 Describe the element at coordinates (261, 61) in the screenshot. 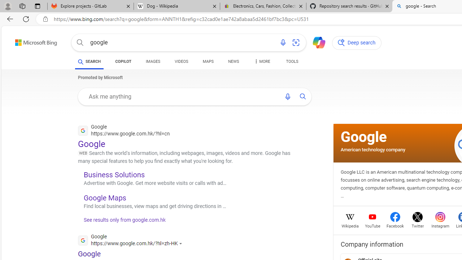

I see `'Dropdown Menu'` at that location.